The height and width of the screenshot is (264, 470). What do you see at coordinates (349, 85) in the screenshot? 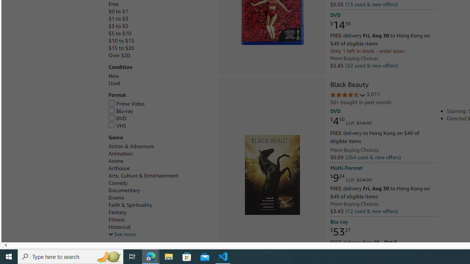
I see `'Black Beauty'` at bounding box center [349, 85].